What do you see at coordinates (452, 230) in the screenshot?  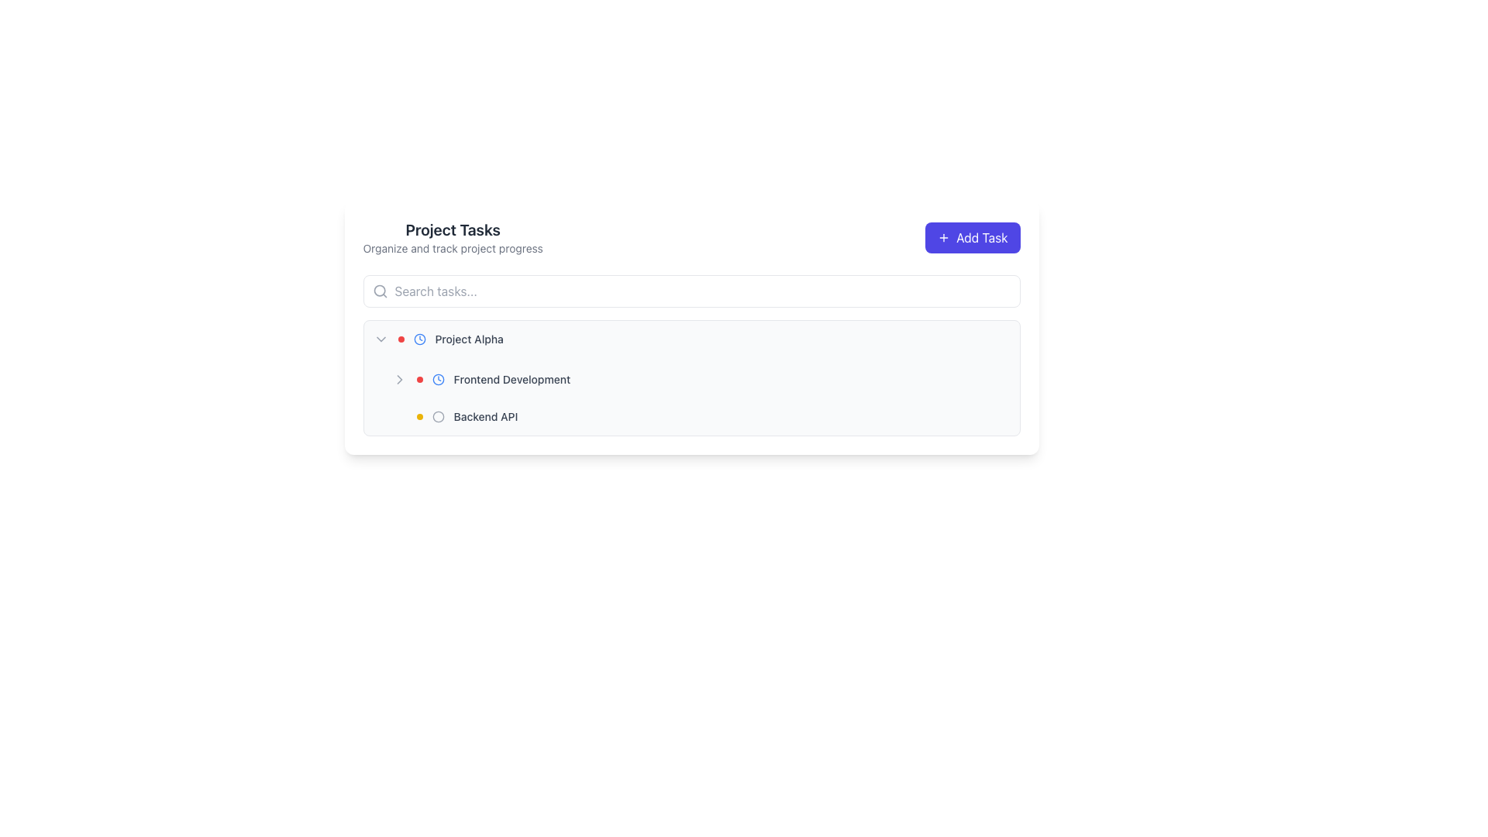 I see `the header Text Label that provides the title for the section managing project tasks, located above the text 'Organize and track project progress'` at bounding box center [452, 230].